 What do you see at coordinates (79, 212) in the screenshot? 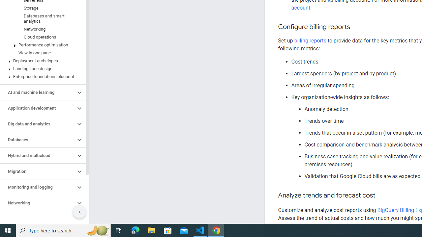
I see `'Hide side navigation'` at bounding box center [79, 212].